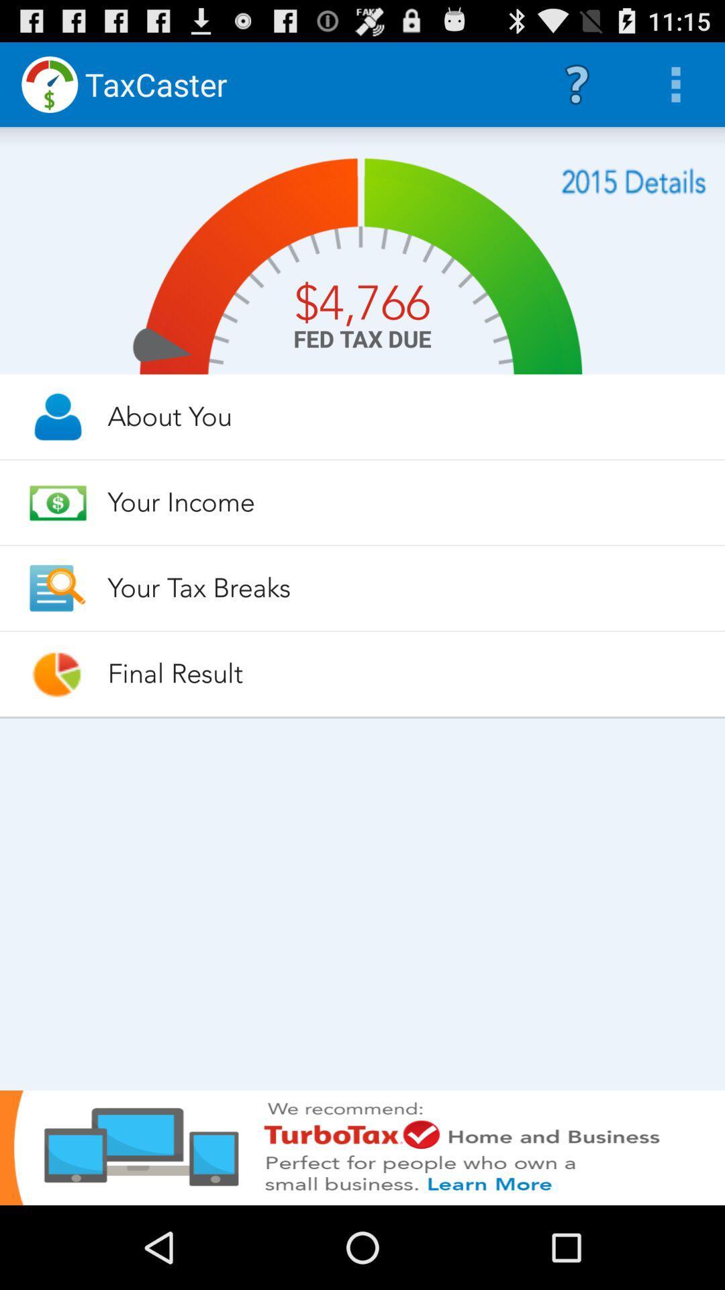 This screenshot has height=1290, width=725. I want to click on the app below your tax breaks, so click(403, 673).